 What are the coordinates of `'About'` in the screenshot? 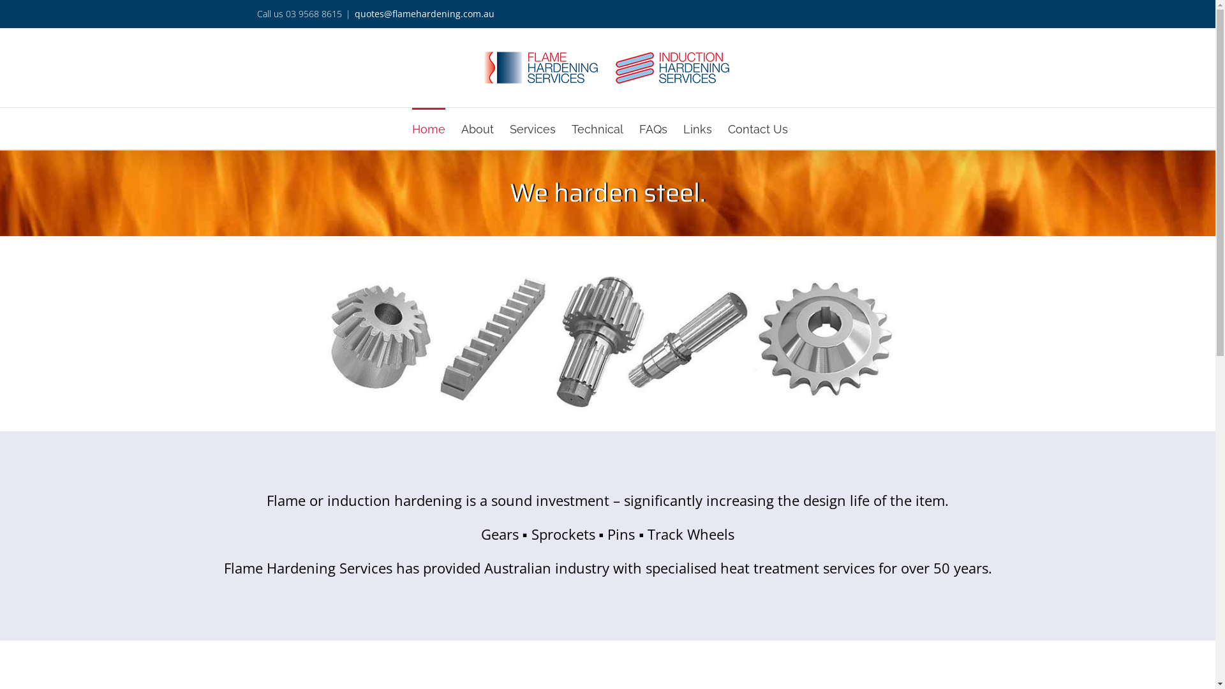 It's located at (476, 128).